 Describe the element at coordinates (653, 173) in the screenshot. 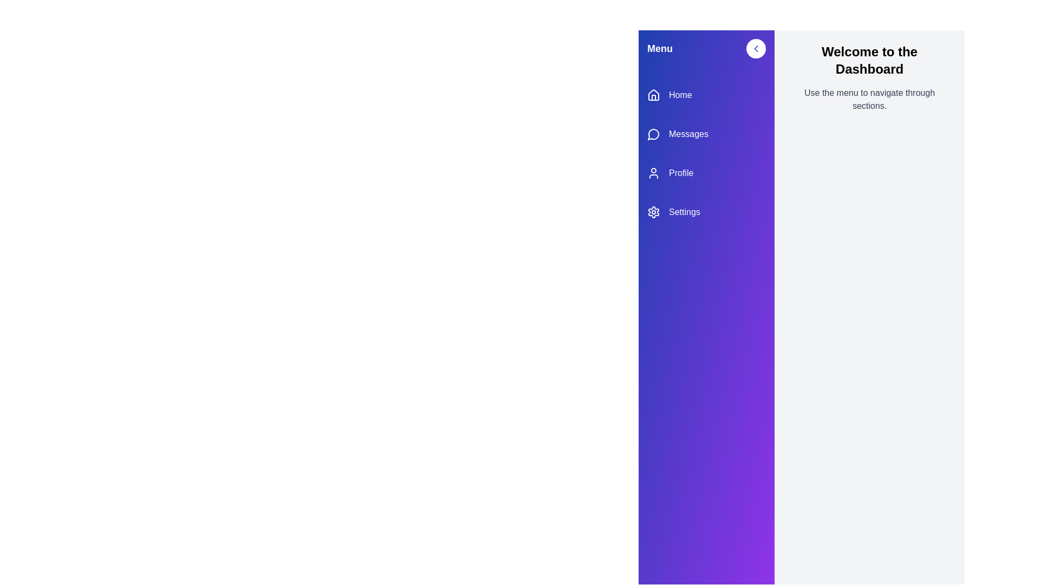

I see `the Profile icon in the sidebar` at that location.